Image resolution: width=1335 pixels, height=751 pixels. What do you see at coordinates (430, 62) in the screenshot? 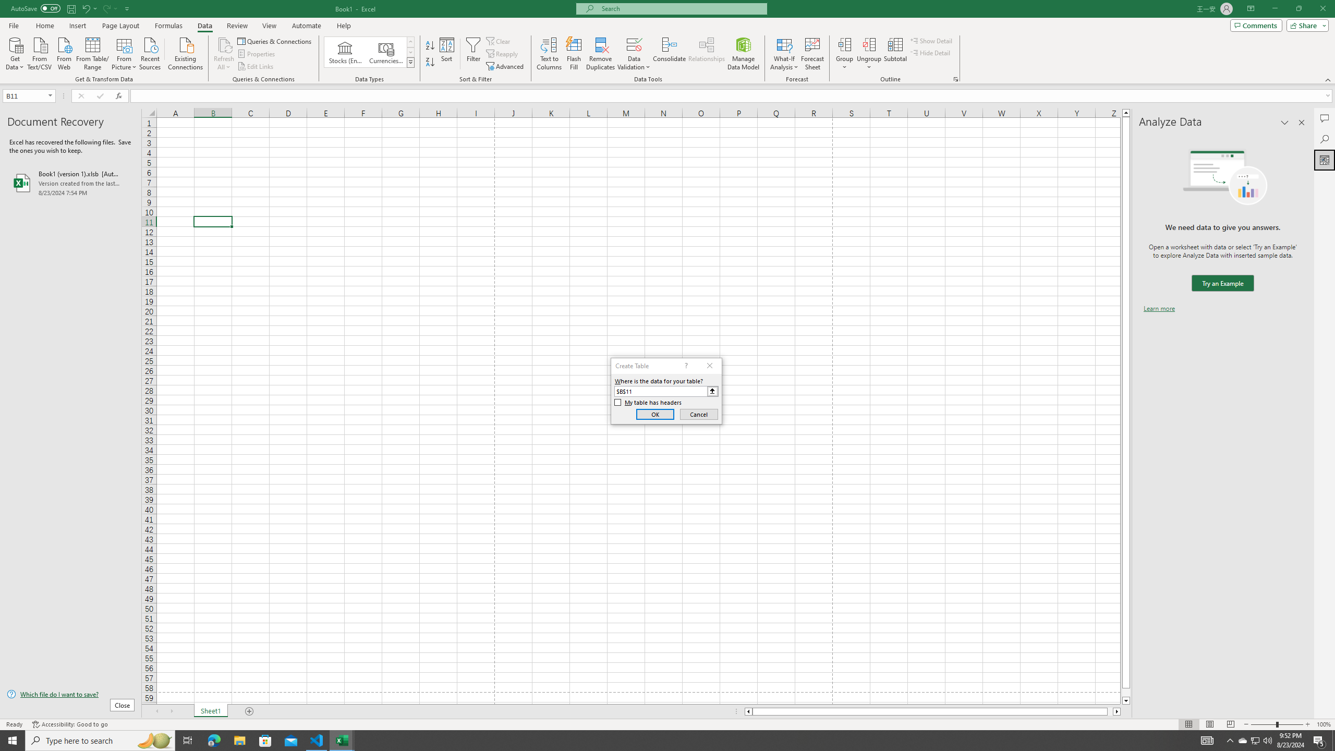
I see `'Sort Z to A'` at bounding box center [430, 62].